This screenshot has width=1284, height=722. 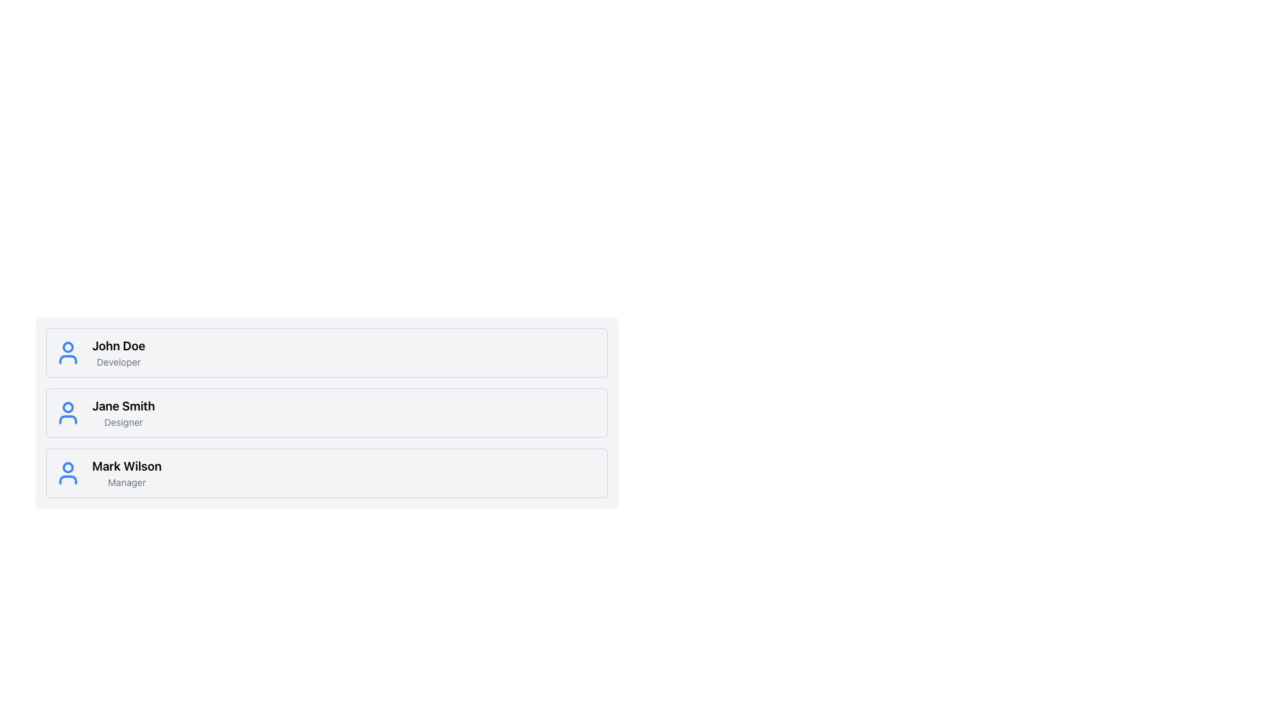 What do you see at coordinates (67, 473) in the screenshot?
I see `the SVG Icon representing user 'Mark Wilson' from the 'Mark Wilson Manager' panel` at bounding box center [67, 473].